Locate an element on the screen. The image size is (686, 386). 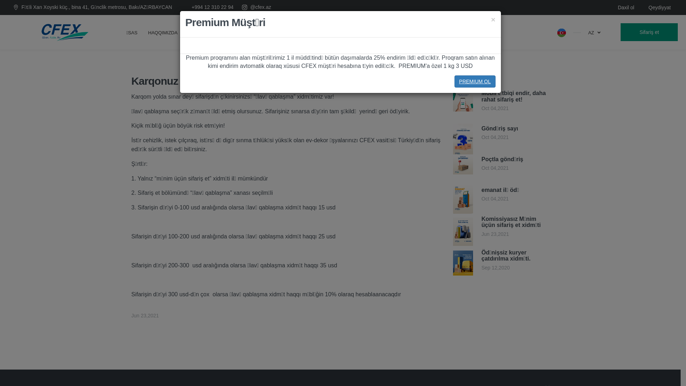
'HAQQIMIZDA' is located at coordinates (163, 31).